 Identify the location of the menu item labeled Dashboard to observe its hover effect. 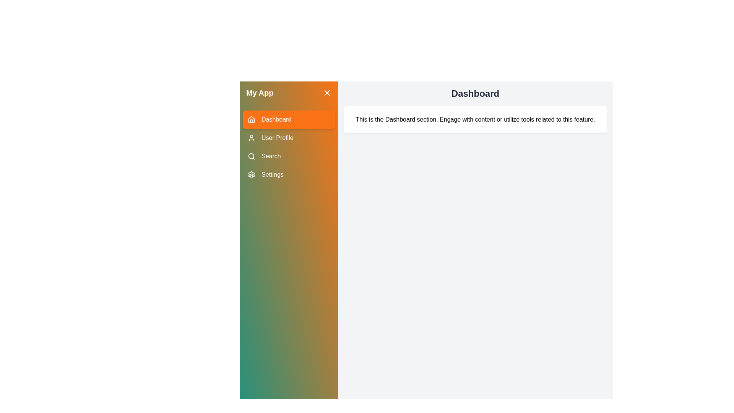
(288, 119).